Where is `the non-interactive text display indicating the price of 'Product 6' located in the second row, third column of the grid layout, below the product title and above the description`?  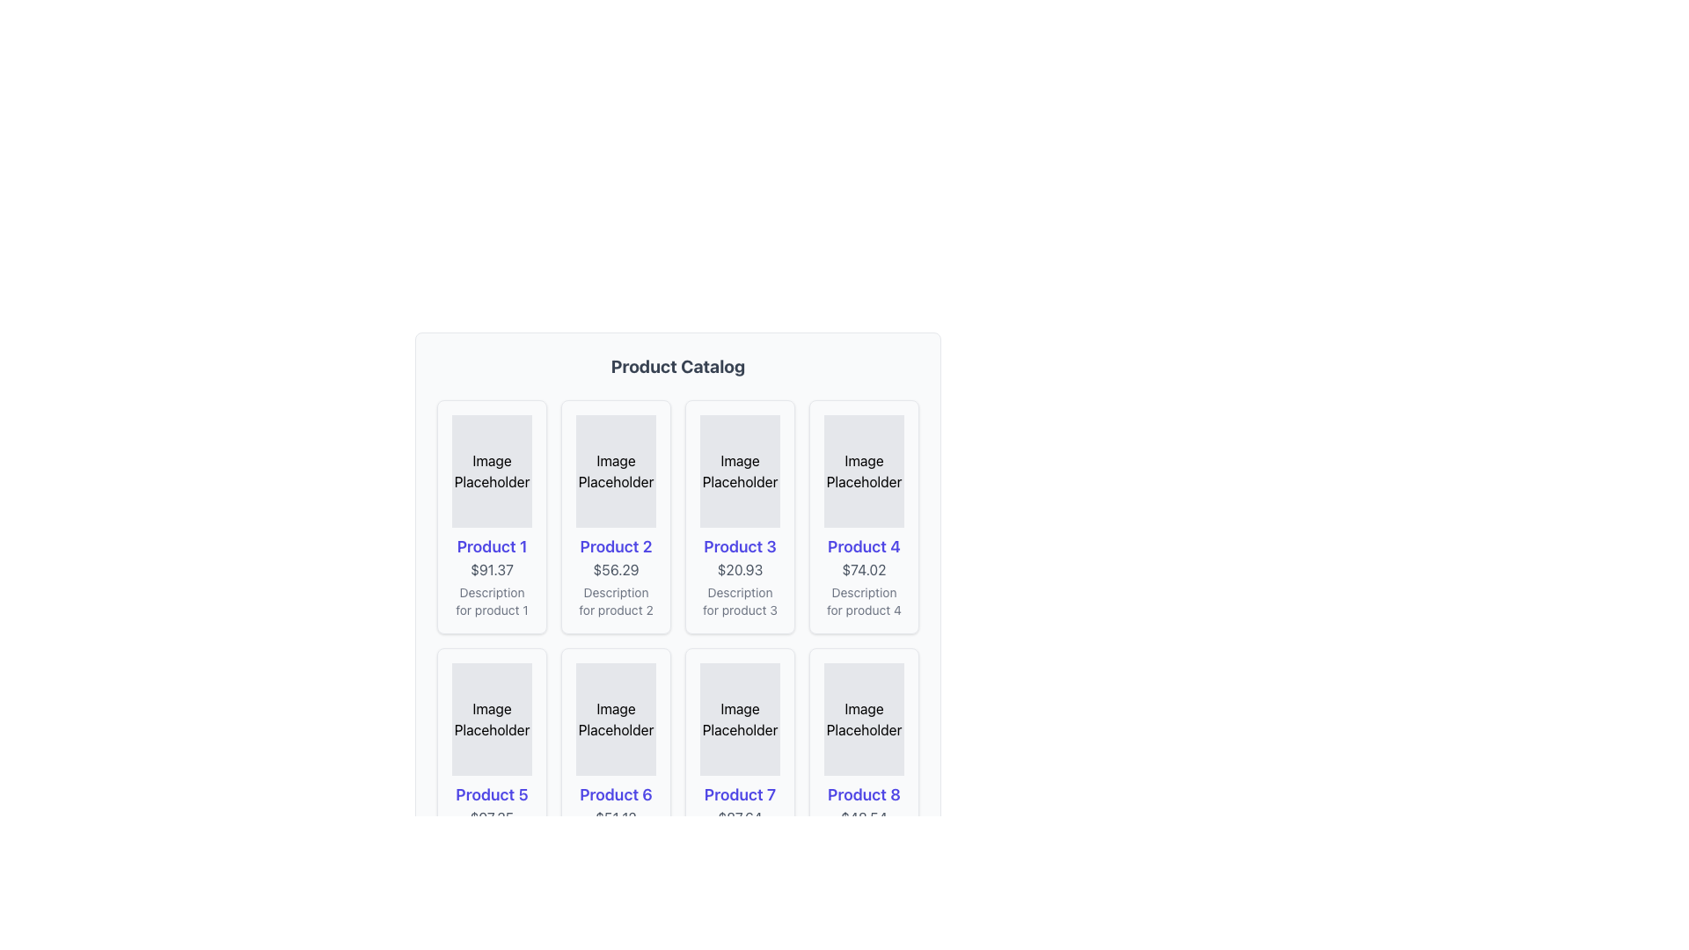
the non-interactive text display indicating the price of 'Product 6' located in the second row, third column of the grid layout, below the product title and above the description is located at coordinates (616, 817).